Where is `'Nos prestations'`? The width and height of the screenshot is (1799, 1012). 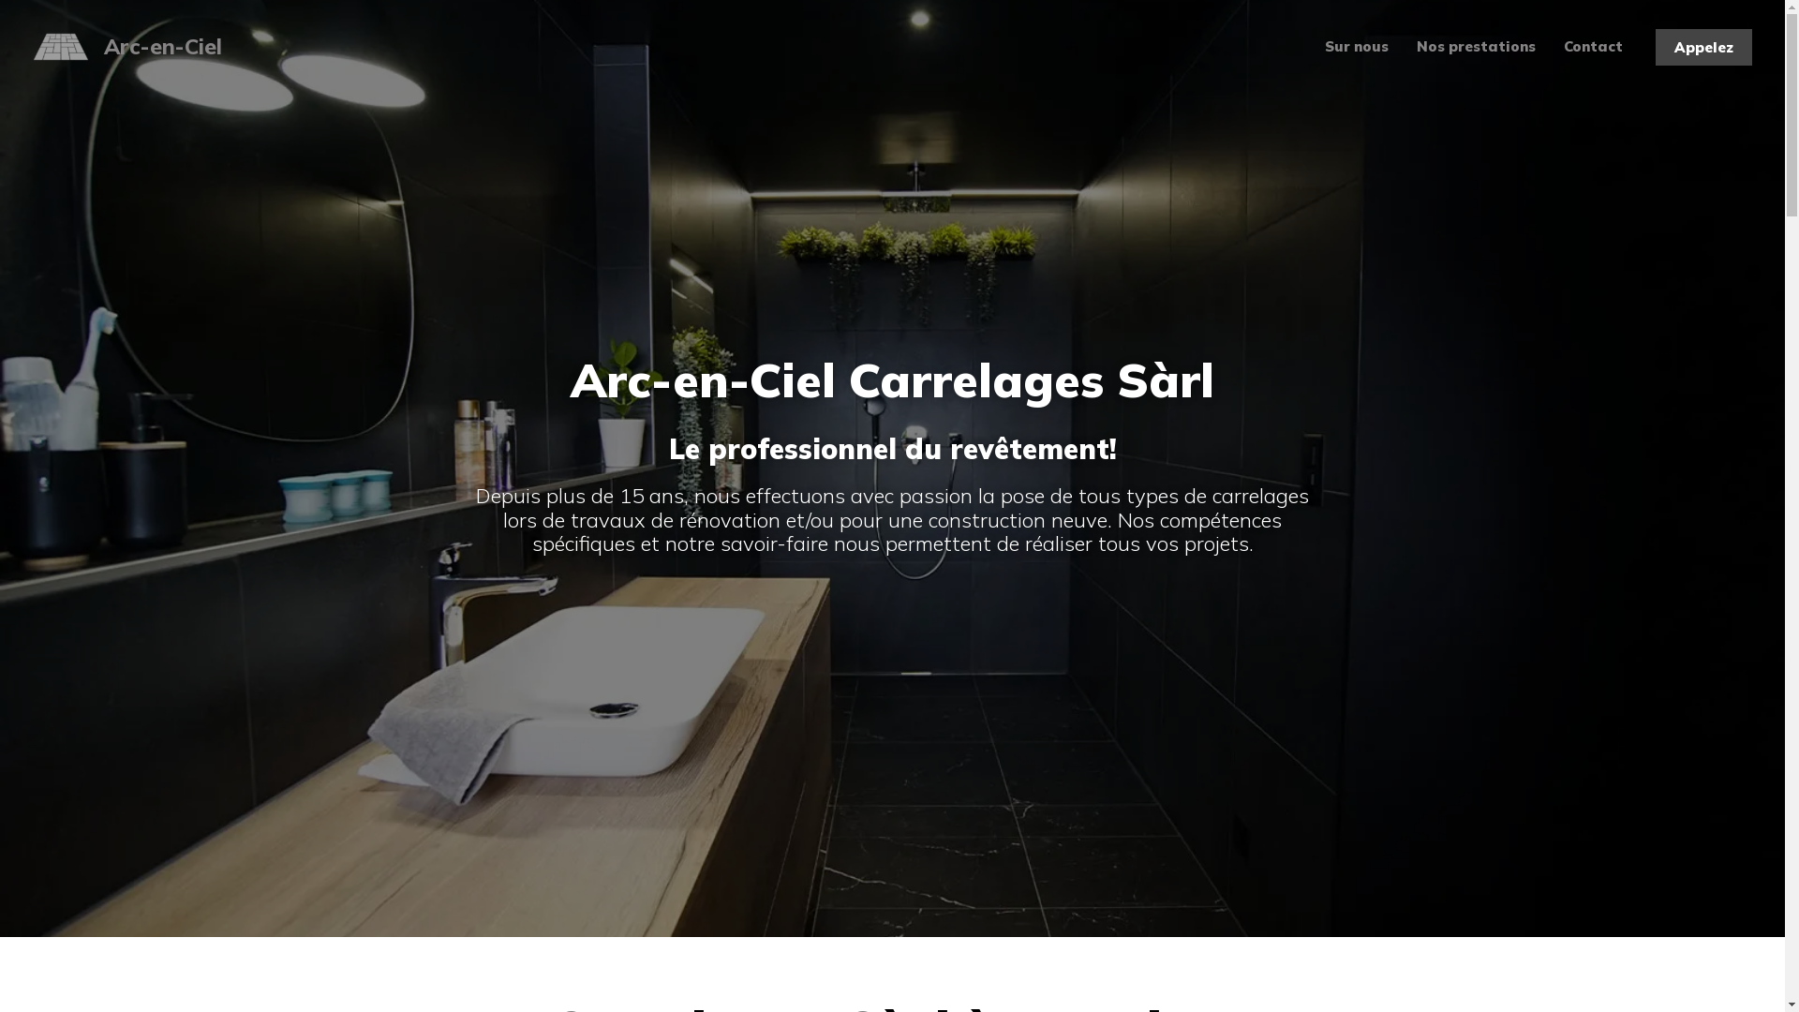
'Nos prestations' is located at coordinates (1475, 46).